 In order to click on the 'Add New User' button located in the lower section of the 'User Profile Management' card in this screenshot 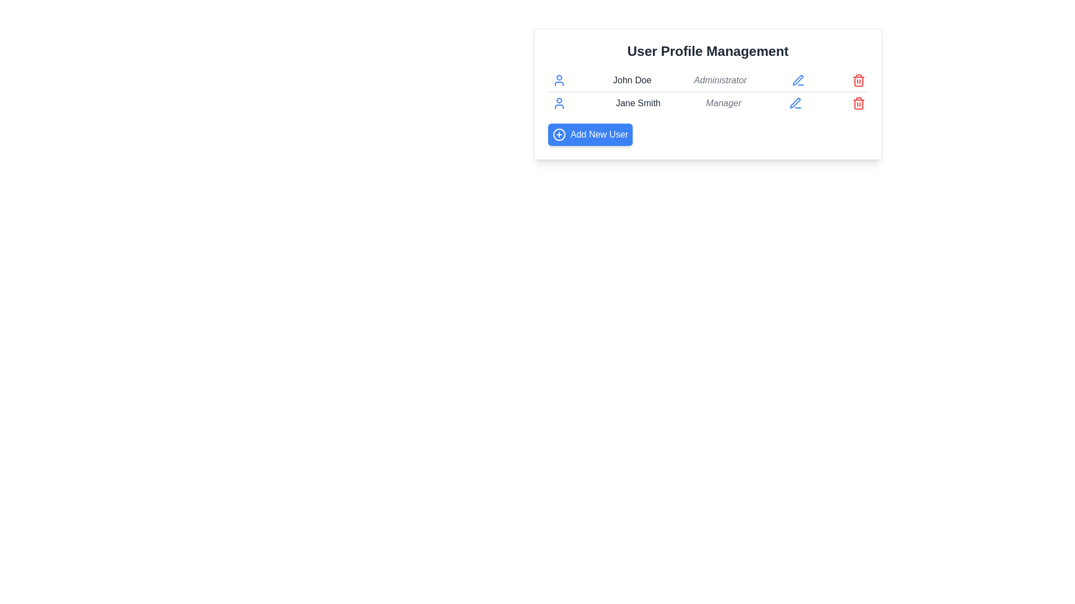, I will do `click(590, 134)`.